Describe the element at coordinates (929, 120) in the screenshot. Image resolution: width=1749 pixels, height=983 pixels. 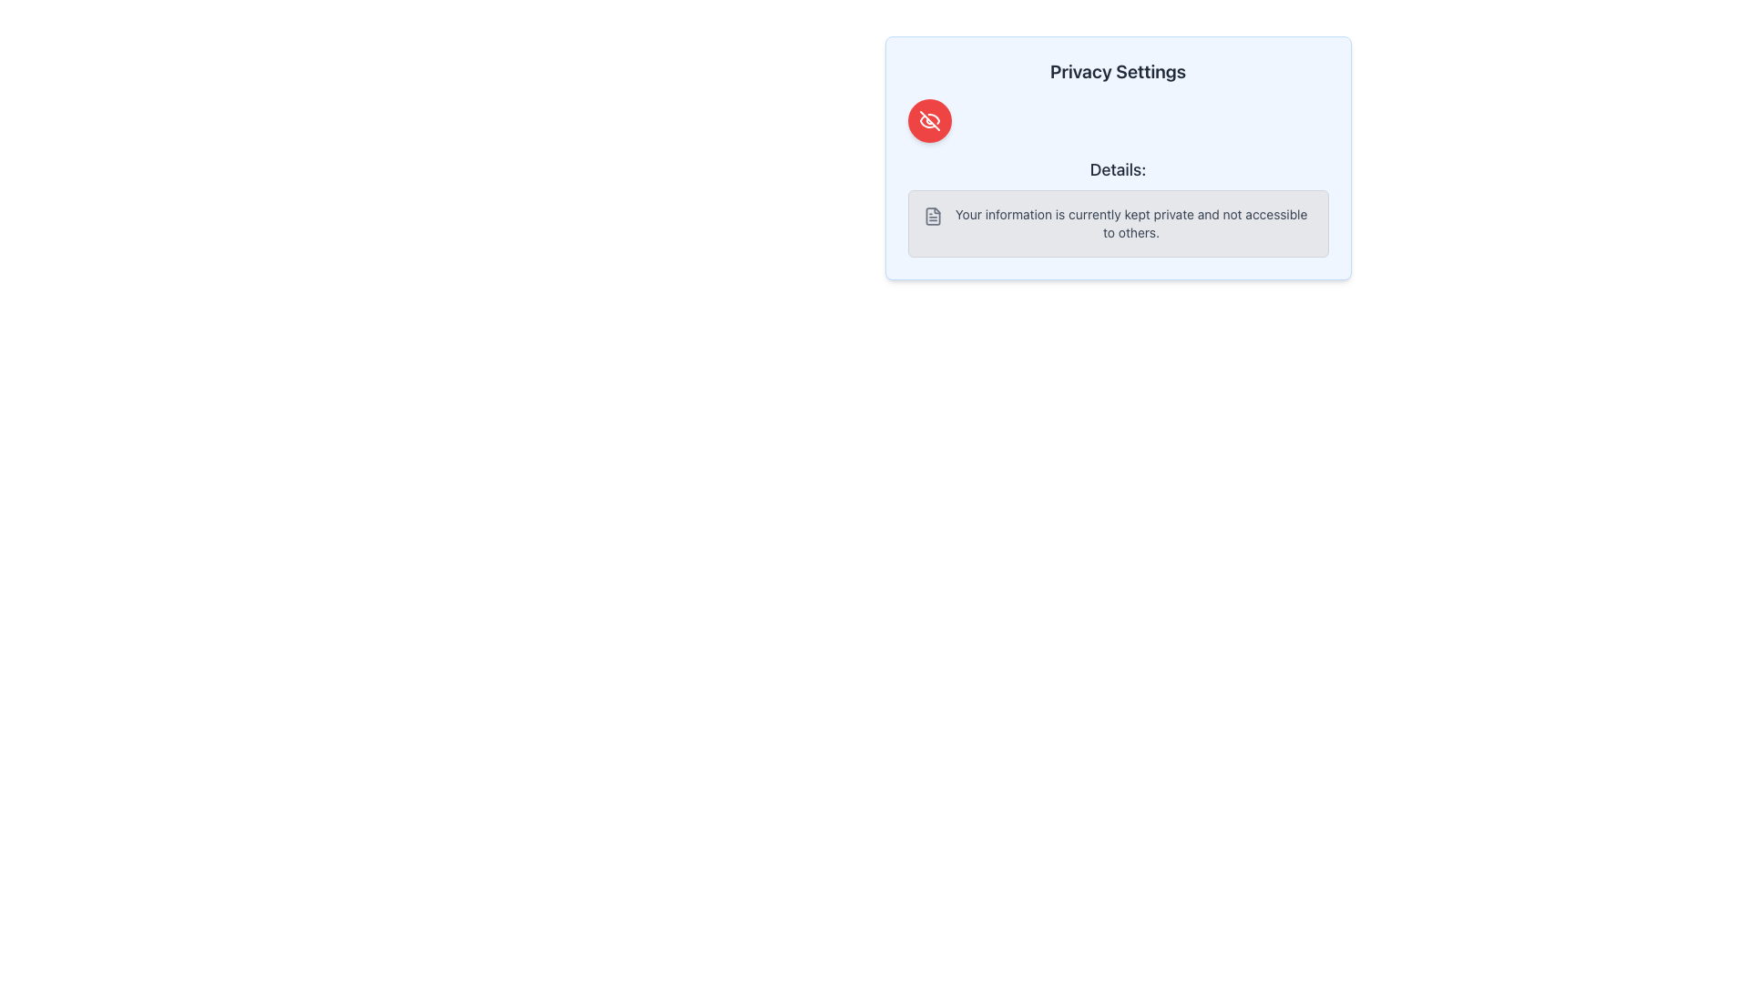
I see `the circular red button with a white eye-off icon in the Privacy Settings card` at that location.